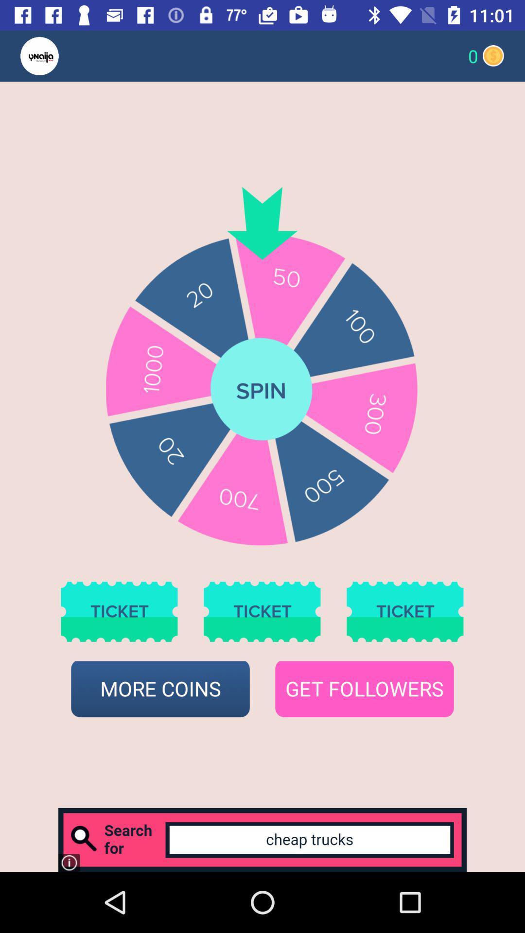  What do you see at coordinates (262, 839) in the screenshot?
I see `the icon below more coins icon` at bounding box center [262, 839].